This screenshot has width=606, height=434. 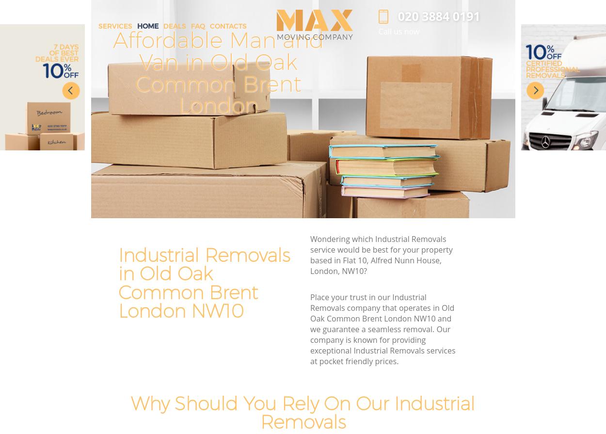 I want to click on 'Industrial Removals in Old Oak Common Brent London NW10', so click(x=204, y=282).